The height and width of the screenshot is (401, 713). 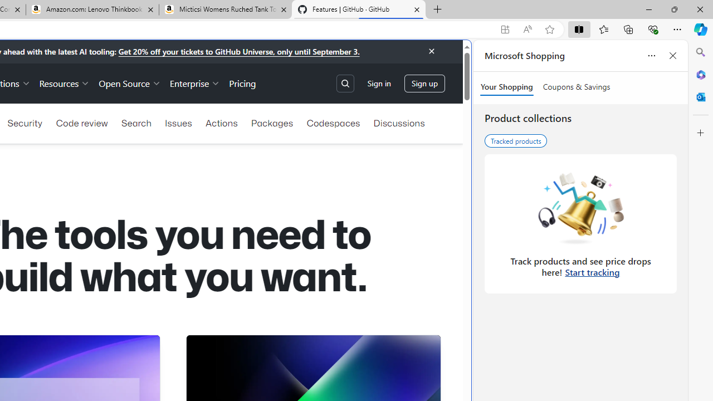 What do you see at coordinates (178, 123) in the screenshot?
I see `'Issues'` at bounding box center [178, 123].